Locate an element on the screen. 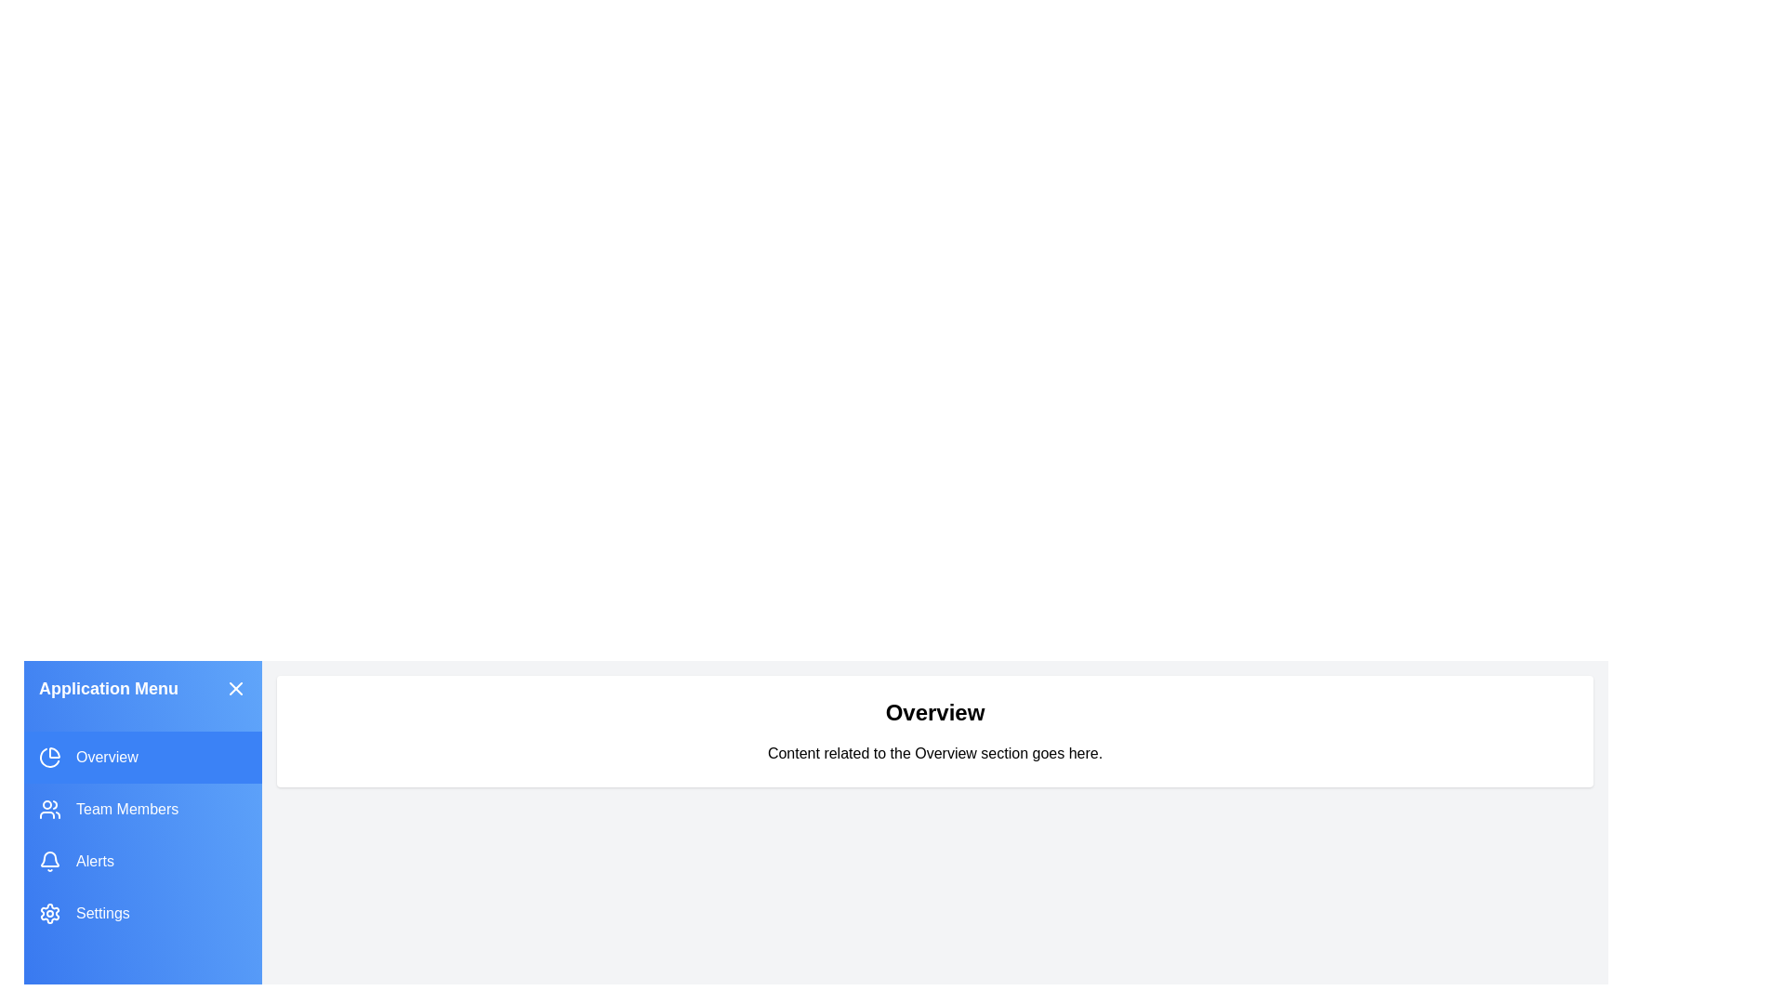 Image resolution: width=1785 pixels, height=1004 pixels. 'X' button in the top-right corner of the drawer to close it is located at coordinates (235, 688).